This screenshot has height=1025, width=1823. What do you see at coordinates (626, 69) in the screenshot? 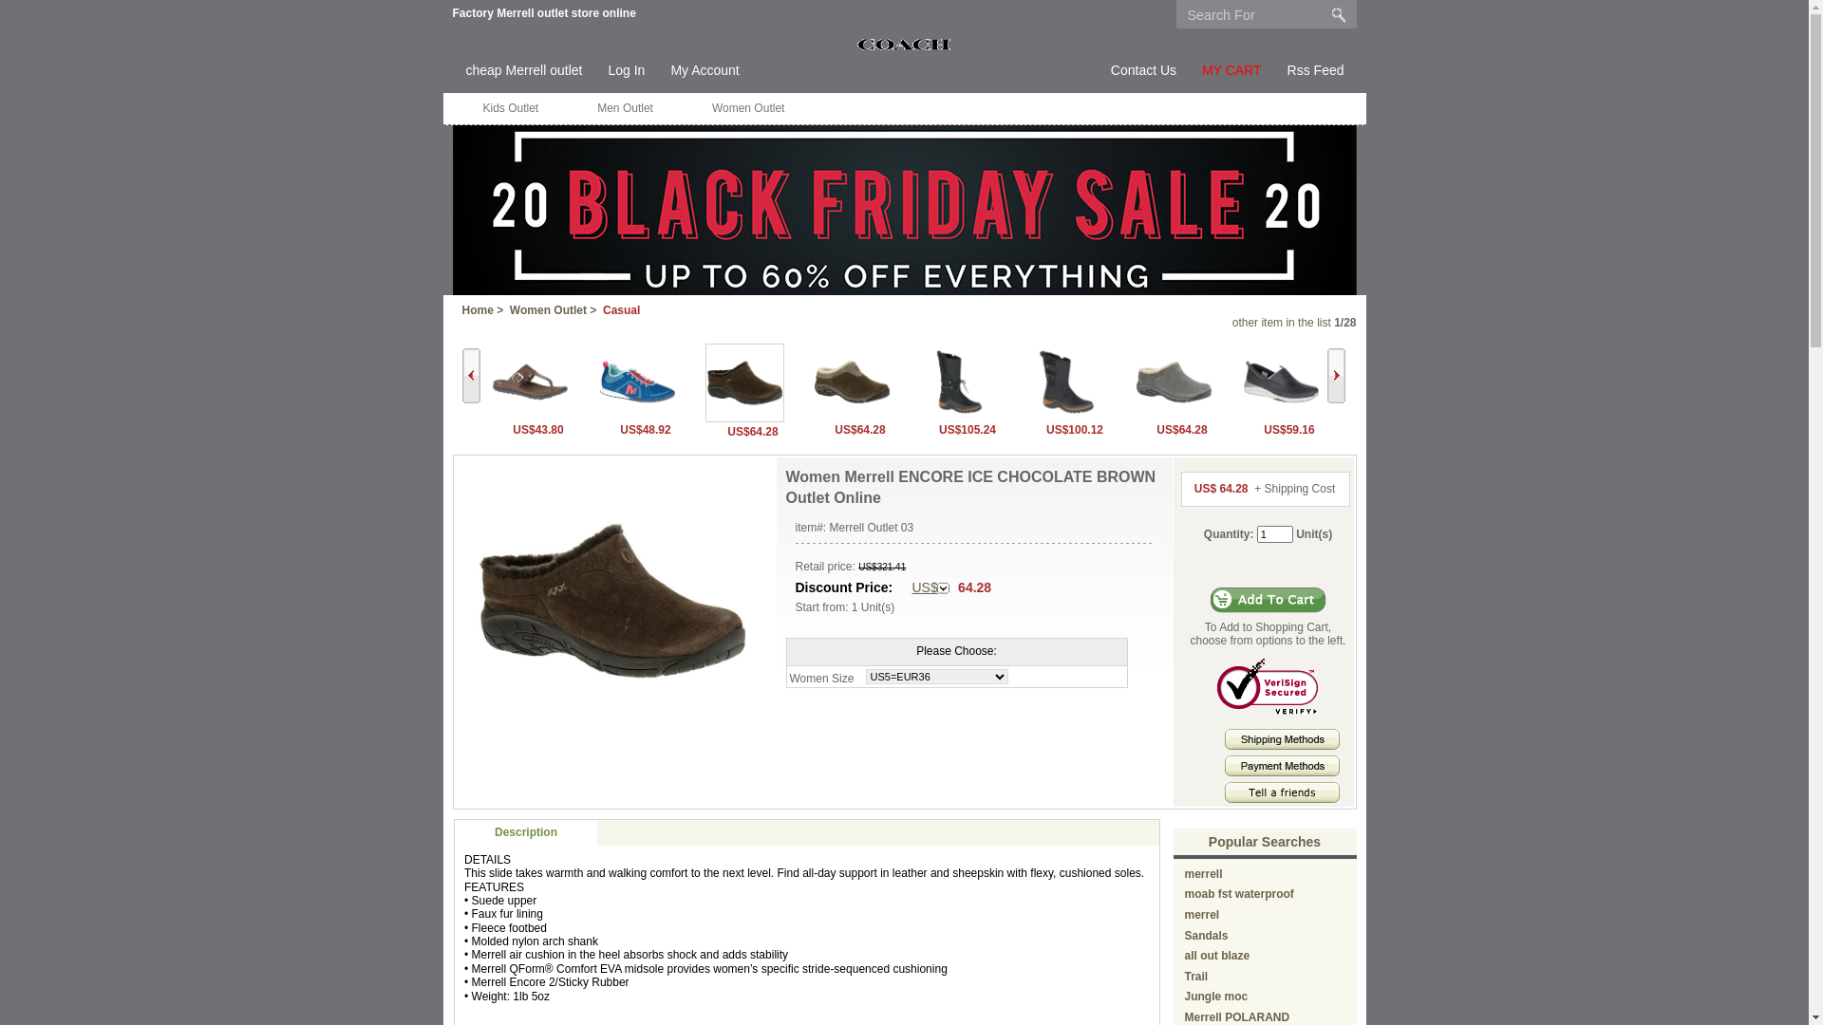
I see `'Log In'` at bounding box center [626, 69].